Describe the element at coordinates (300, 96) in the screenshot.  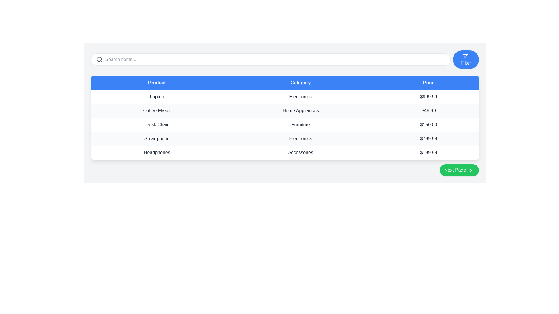
I see `text label displaying 'Electronics' that is located in the middle cell of the 'Category' column in the table under the 'Laptop' row` at that location.